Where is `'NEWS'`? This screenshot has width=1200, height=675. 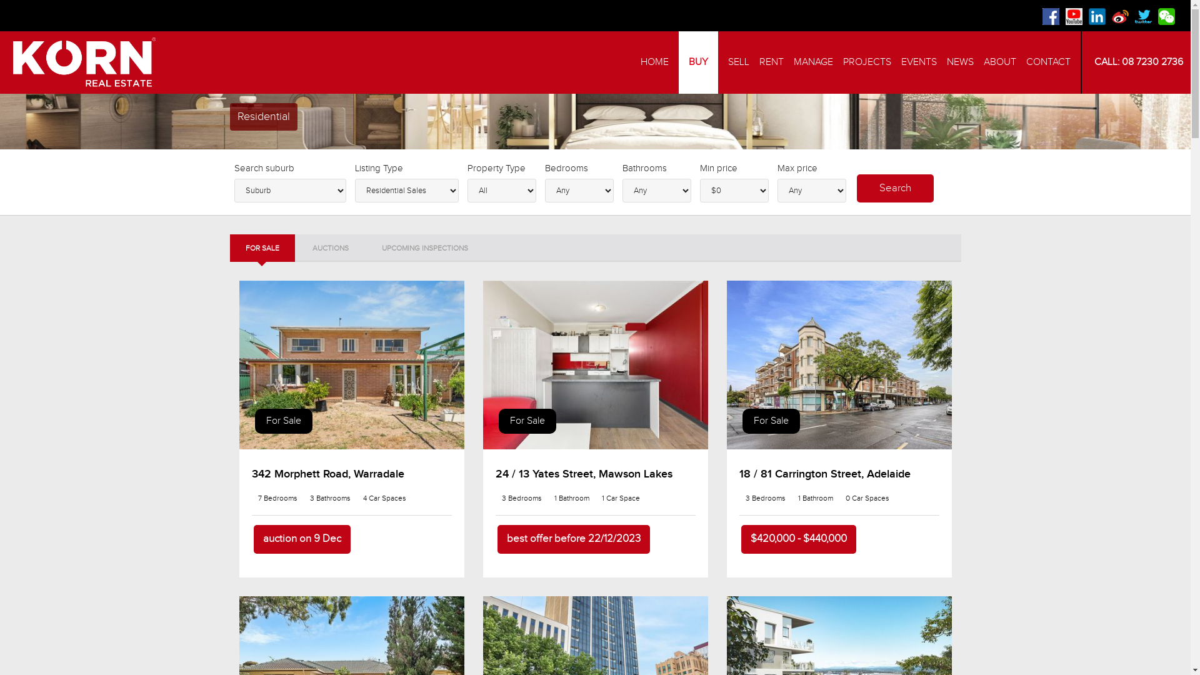 'NEWS' is located at coordinates (947, 62).